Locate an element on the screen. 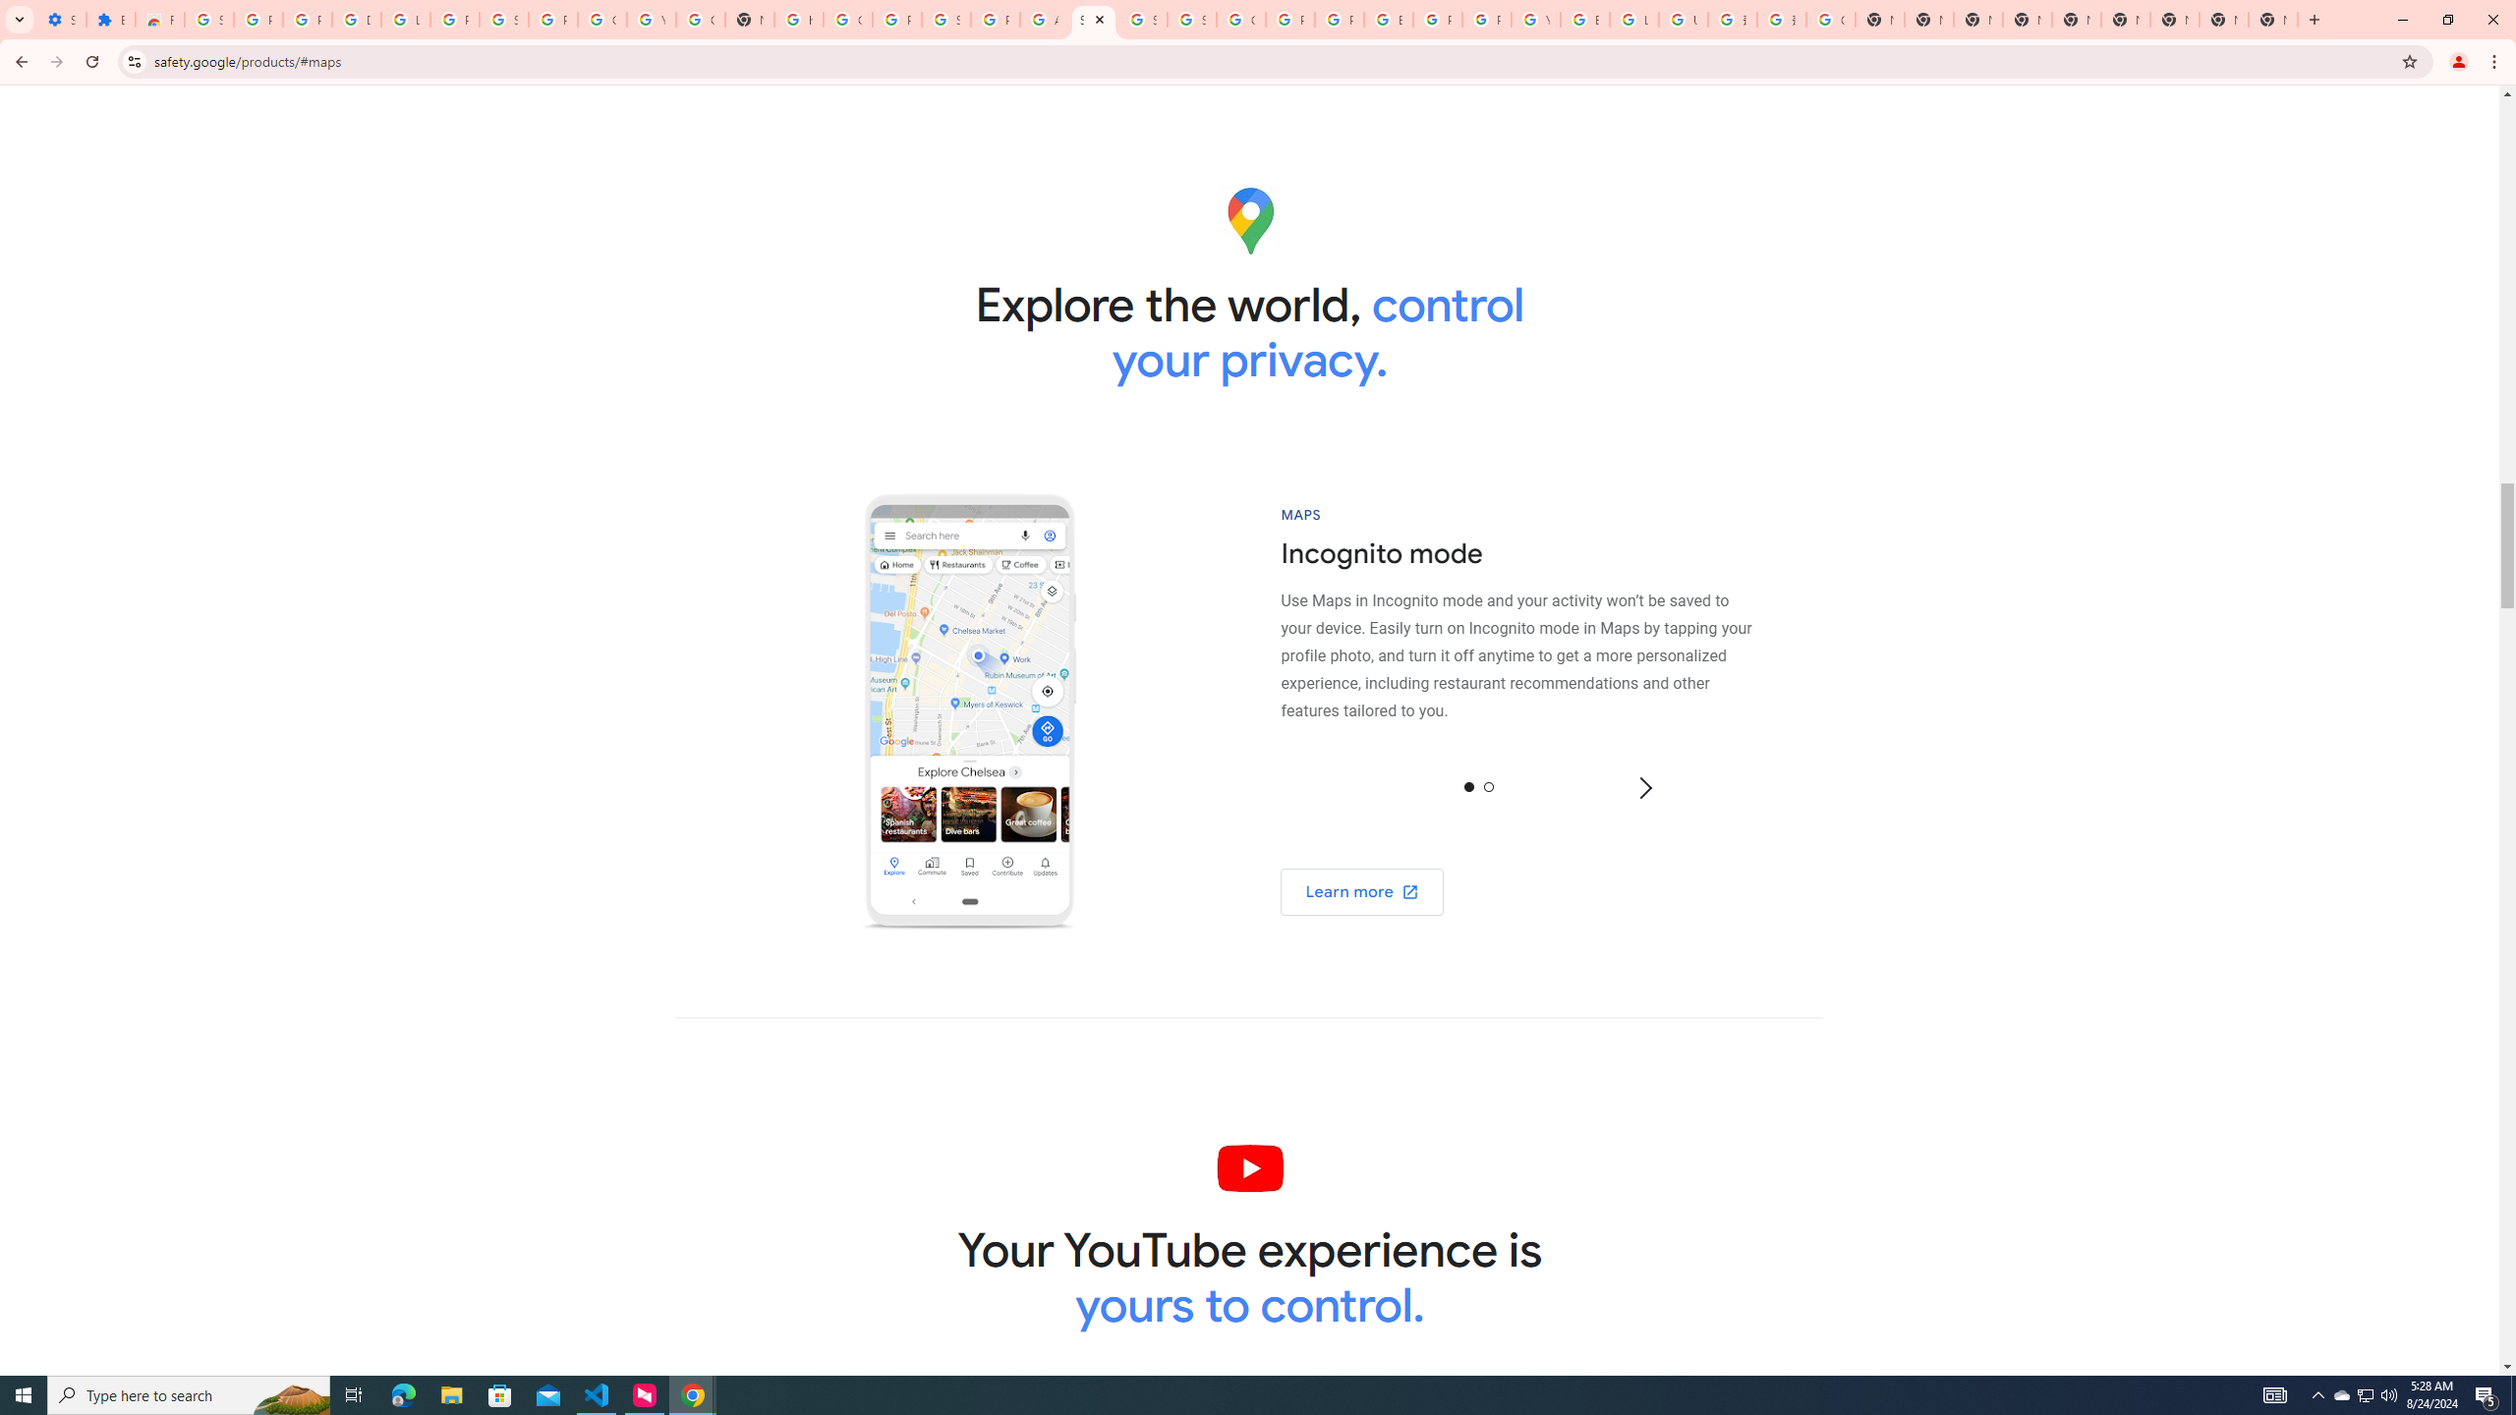  'YouTube' is located at coordinates (1534, 19).